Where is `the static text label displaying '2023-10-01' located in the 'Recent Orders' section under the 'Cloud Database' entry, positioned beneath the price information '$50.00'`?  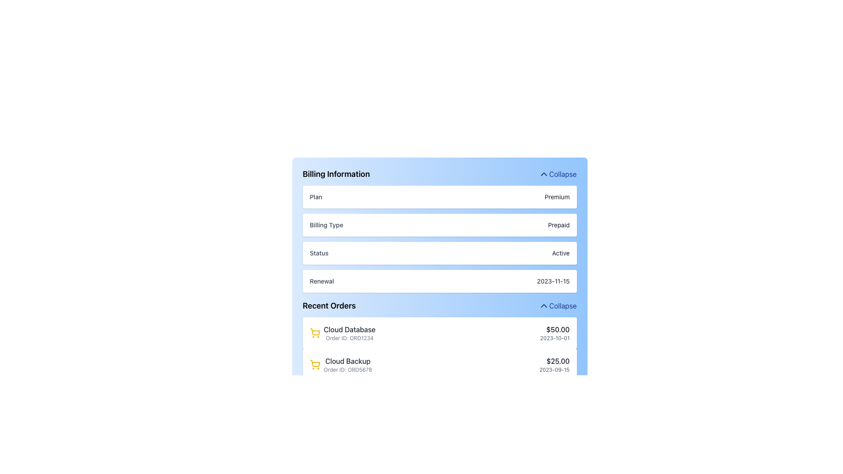
the static text label displaying '2023-10-01' located in the 'Recent Orders' section under the 'Cloud Database' entry, positioned beneath the price information '$50.00' is located at coordinates (554, 338).